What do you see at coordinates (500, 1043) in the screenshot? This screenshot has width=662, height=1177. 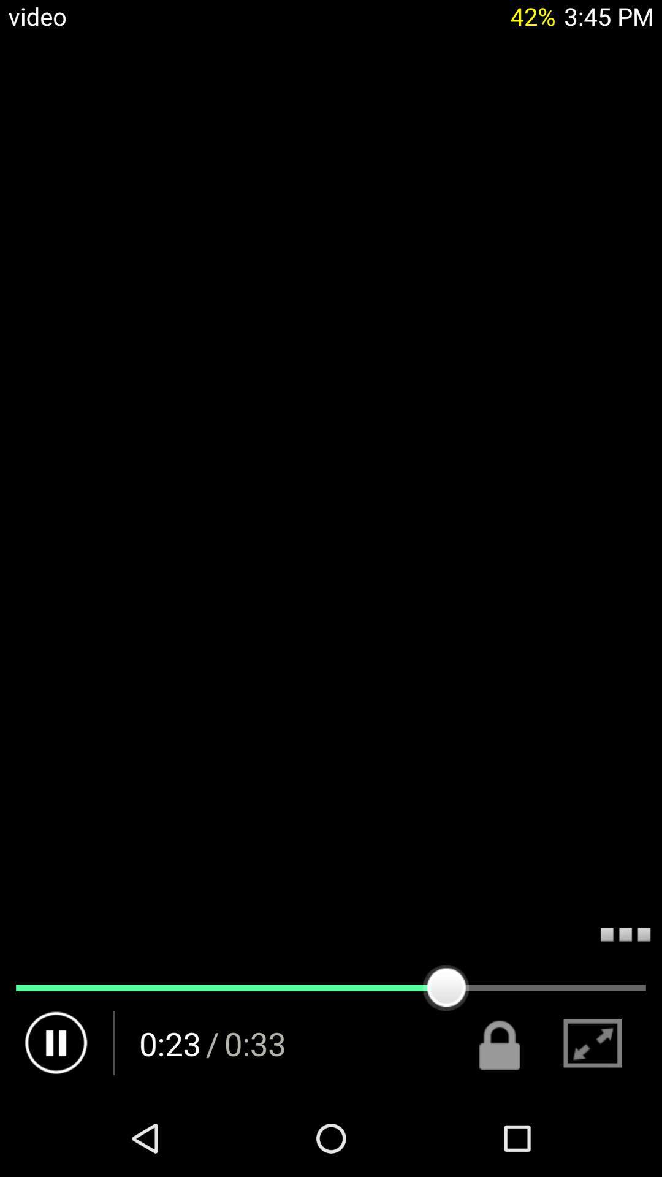 I see `the lock icon which is left side of full screen icon` at bounding box center [500, 1043].